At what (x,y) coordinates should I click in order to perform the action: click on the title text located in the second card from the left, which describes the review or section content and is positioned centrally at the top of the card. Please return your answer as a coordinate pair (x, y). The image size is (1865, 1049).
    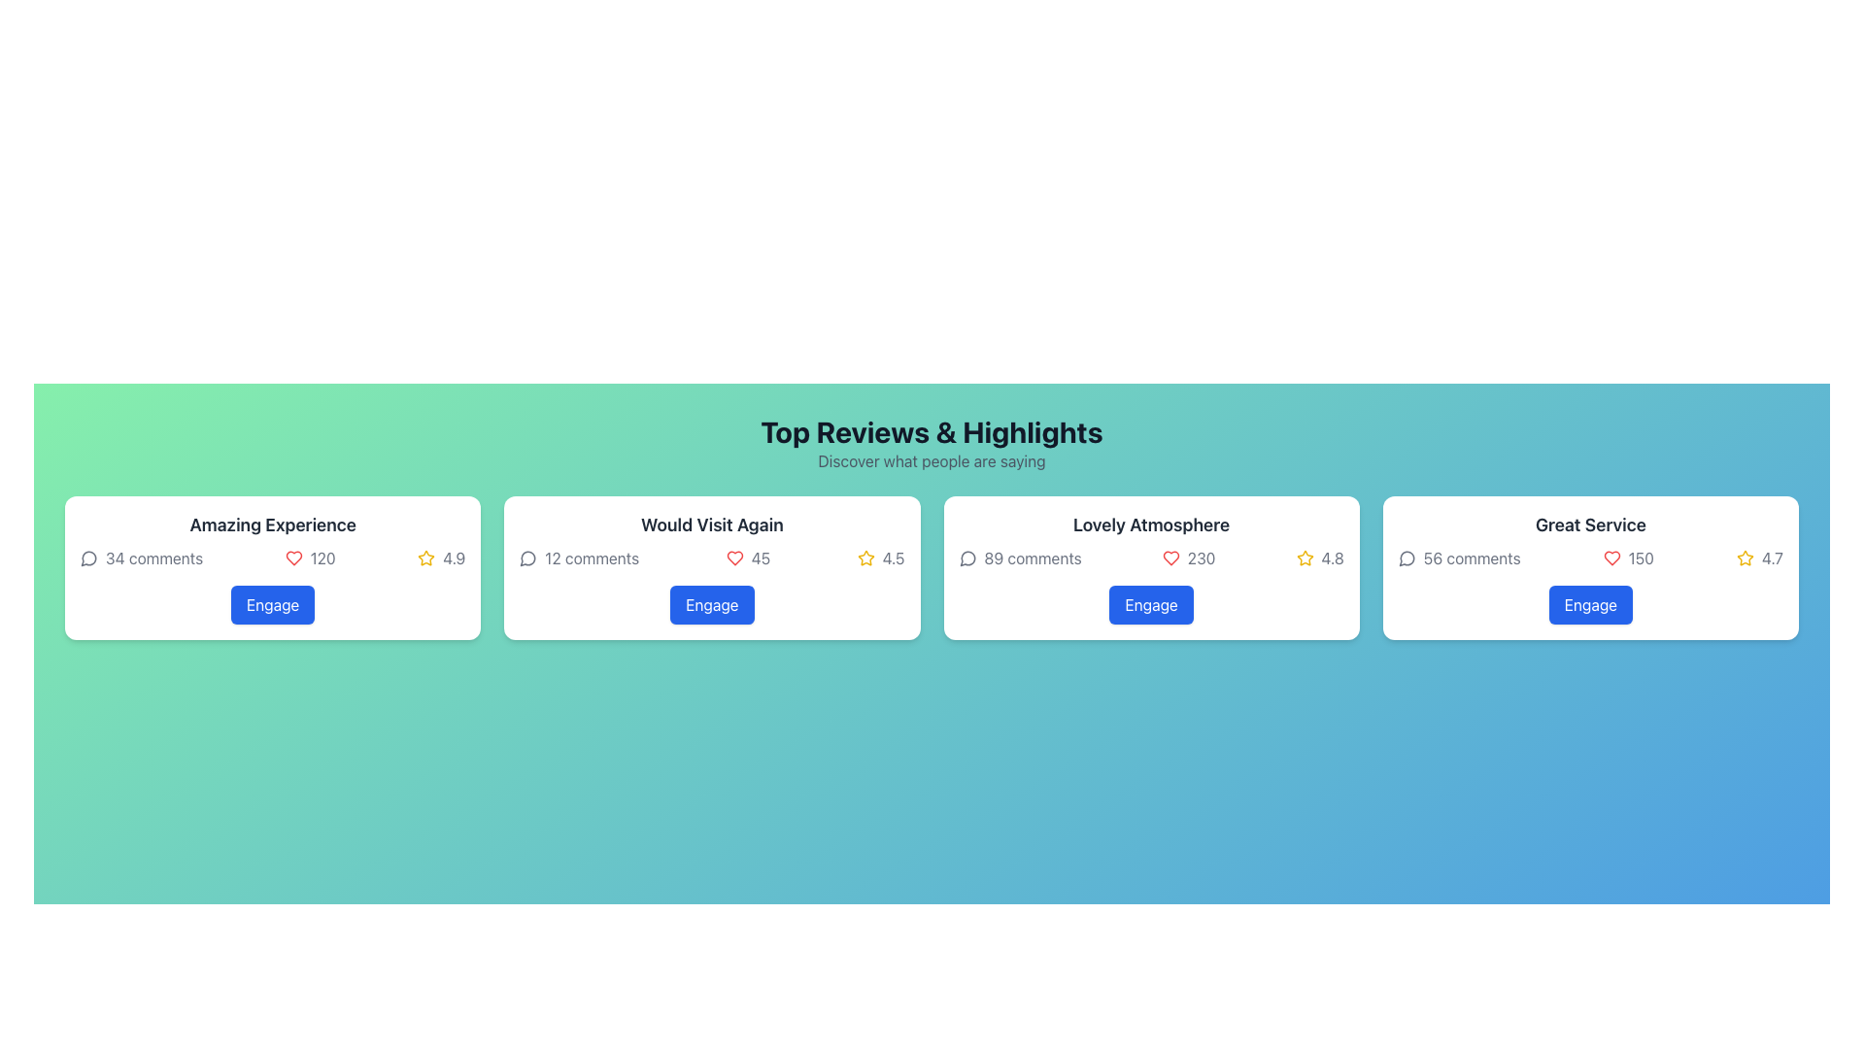
    Looking at the image, I should click on (711, 524).